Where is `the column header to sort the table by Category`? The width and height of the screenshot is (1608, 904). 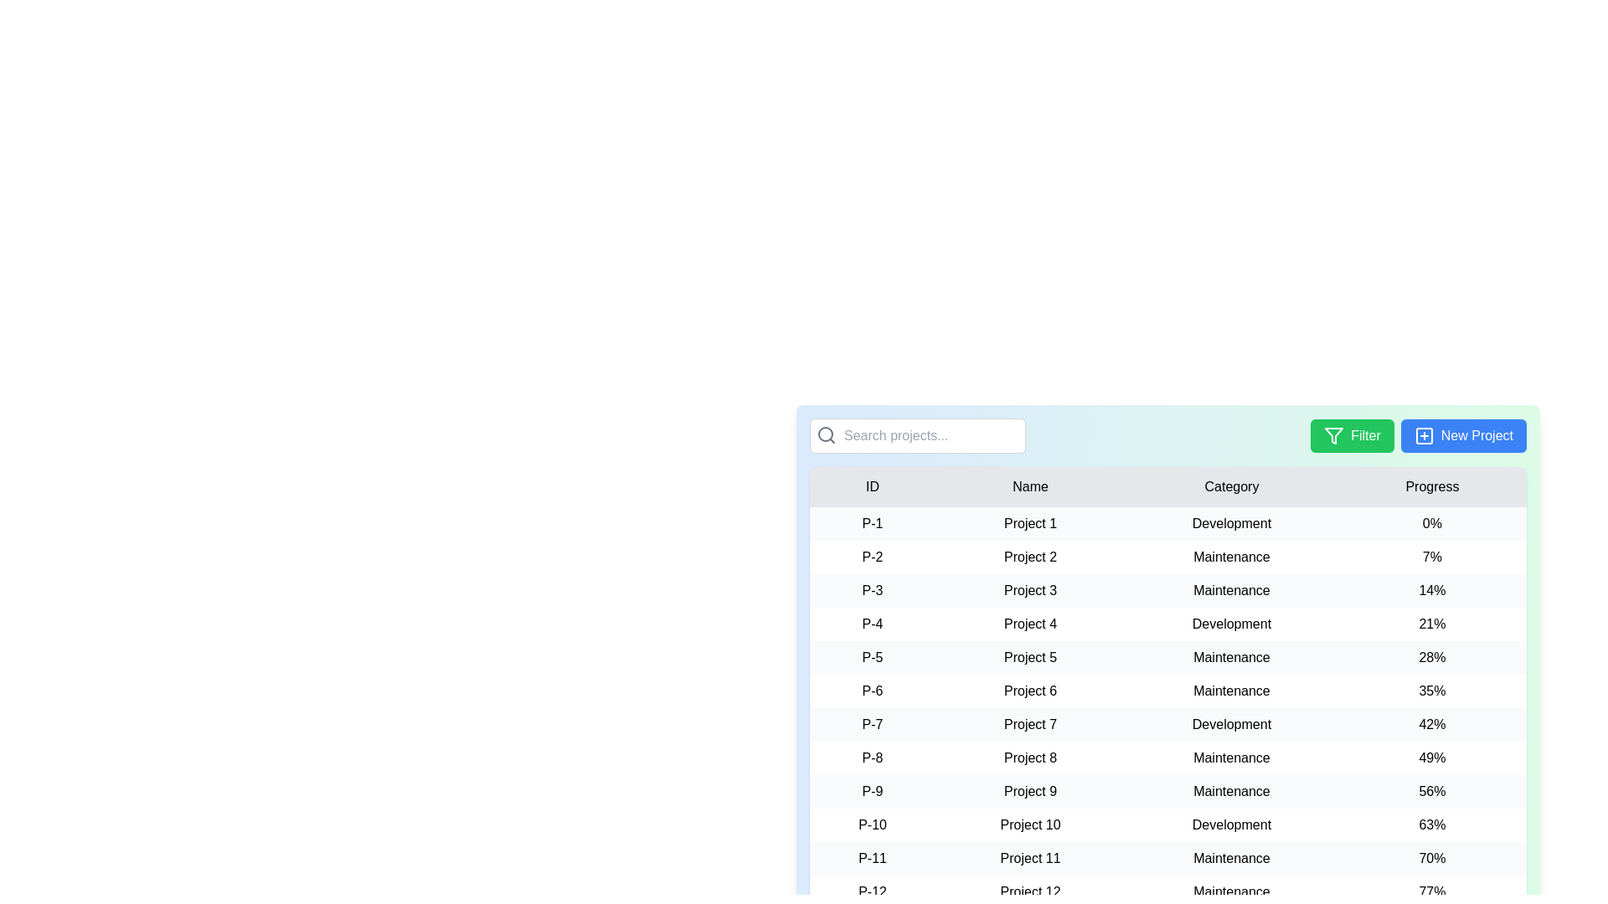
the column header to sort the table by Category is located at coordinates (1230, 487).